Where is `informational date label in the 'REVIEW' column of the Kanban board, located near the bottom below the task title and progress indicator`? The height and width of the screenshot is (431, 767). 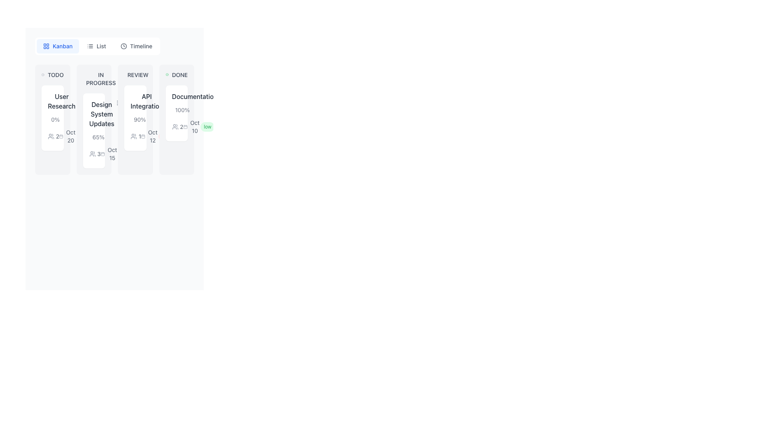 informational date label in the 'REVIEW' column of the Kanban board, located near the bottom below the task title and progress indicator is located at coordinates (153, 136).